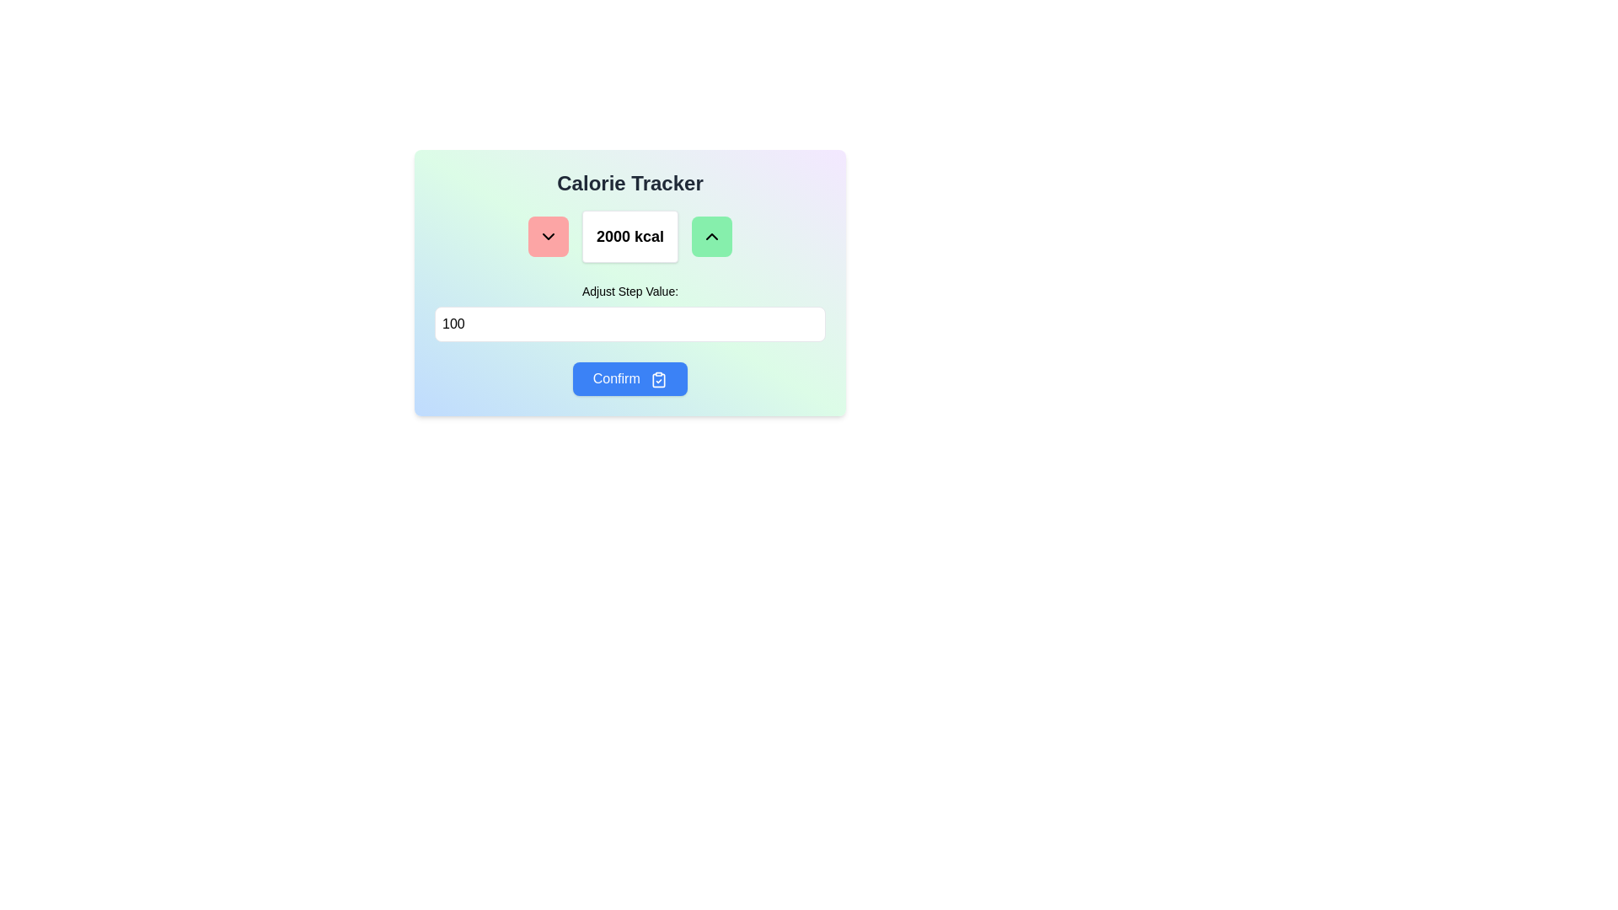  I want to click on the button that decreases the value displayed in the adjacent white box labeled '2000 kcal' to change its background color, so click(548, 237).